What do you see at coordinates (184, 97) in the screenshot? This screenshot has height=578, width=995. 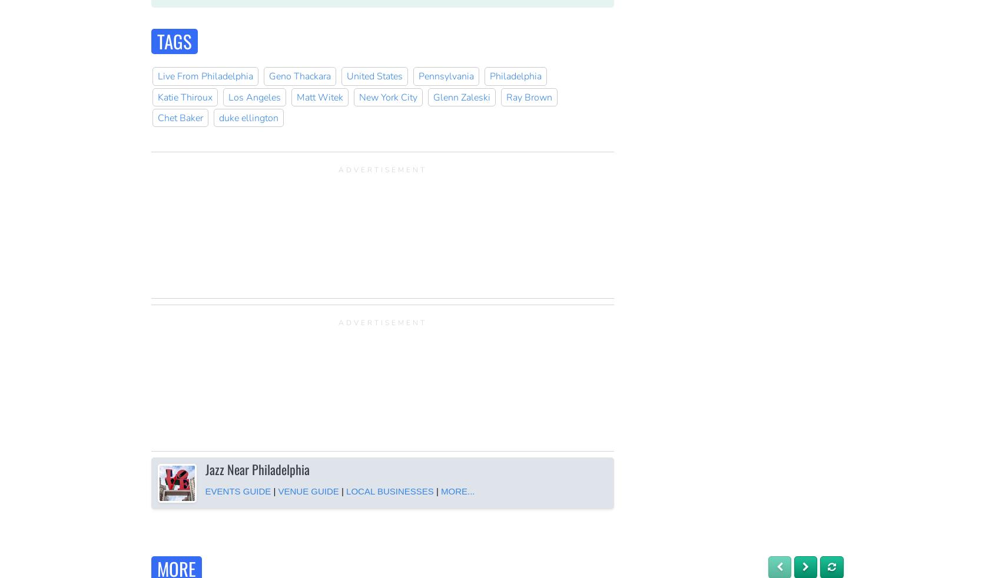 I see `'Katie Thiroux'` at bounding box center [184, 97].